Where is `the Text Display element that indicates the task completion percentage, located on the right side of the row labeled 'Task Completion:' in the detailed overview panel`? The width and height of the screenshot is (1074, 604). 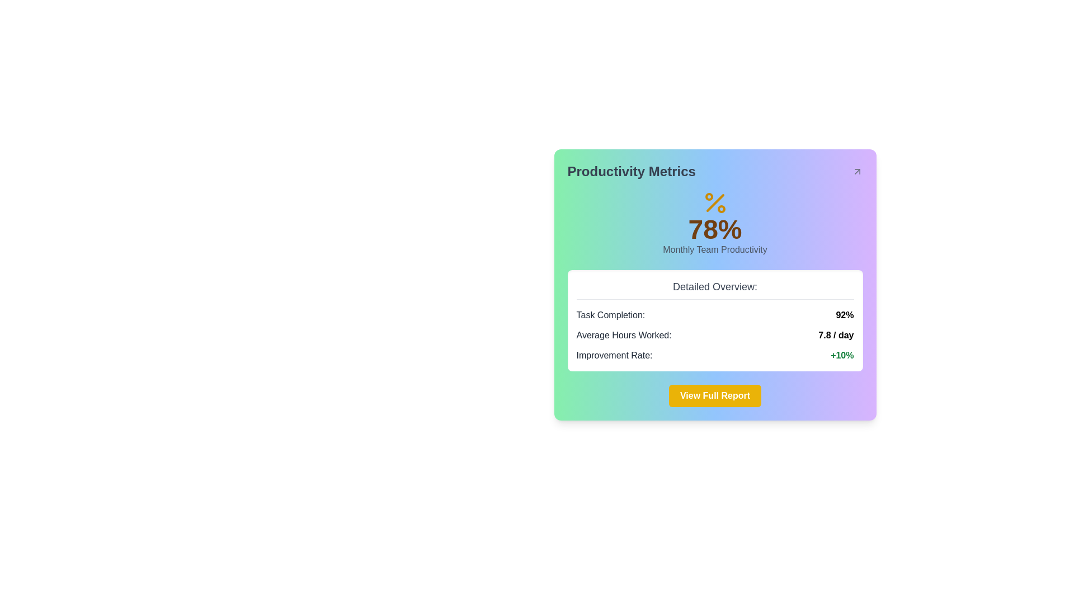 the Text Display element that indicates the task completion percentage, located on the right side of the row labeled 'Task Completion:' in the detailed overview panel is located at coordinates (845, 315).